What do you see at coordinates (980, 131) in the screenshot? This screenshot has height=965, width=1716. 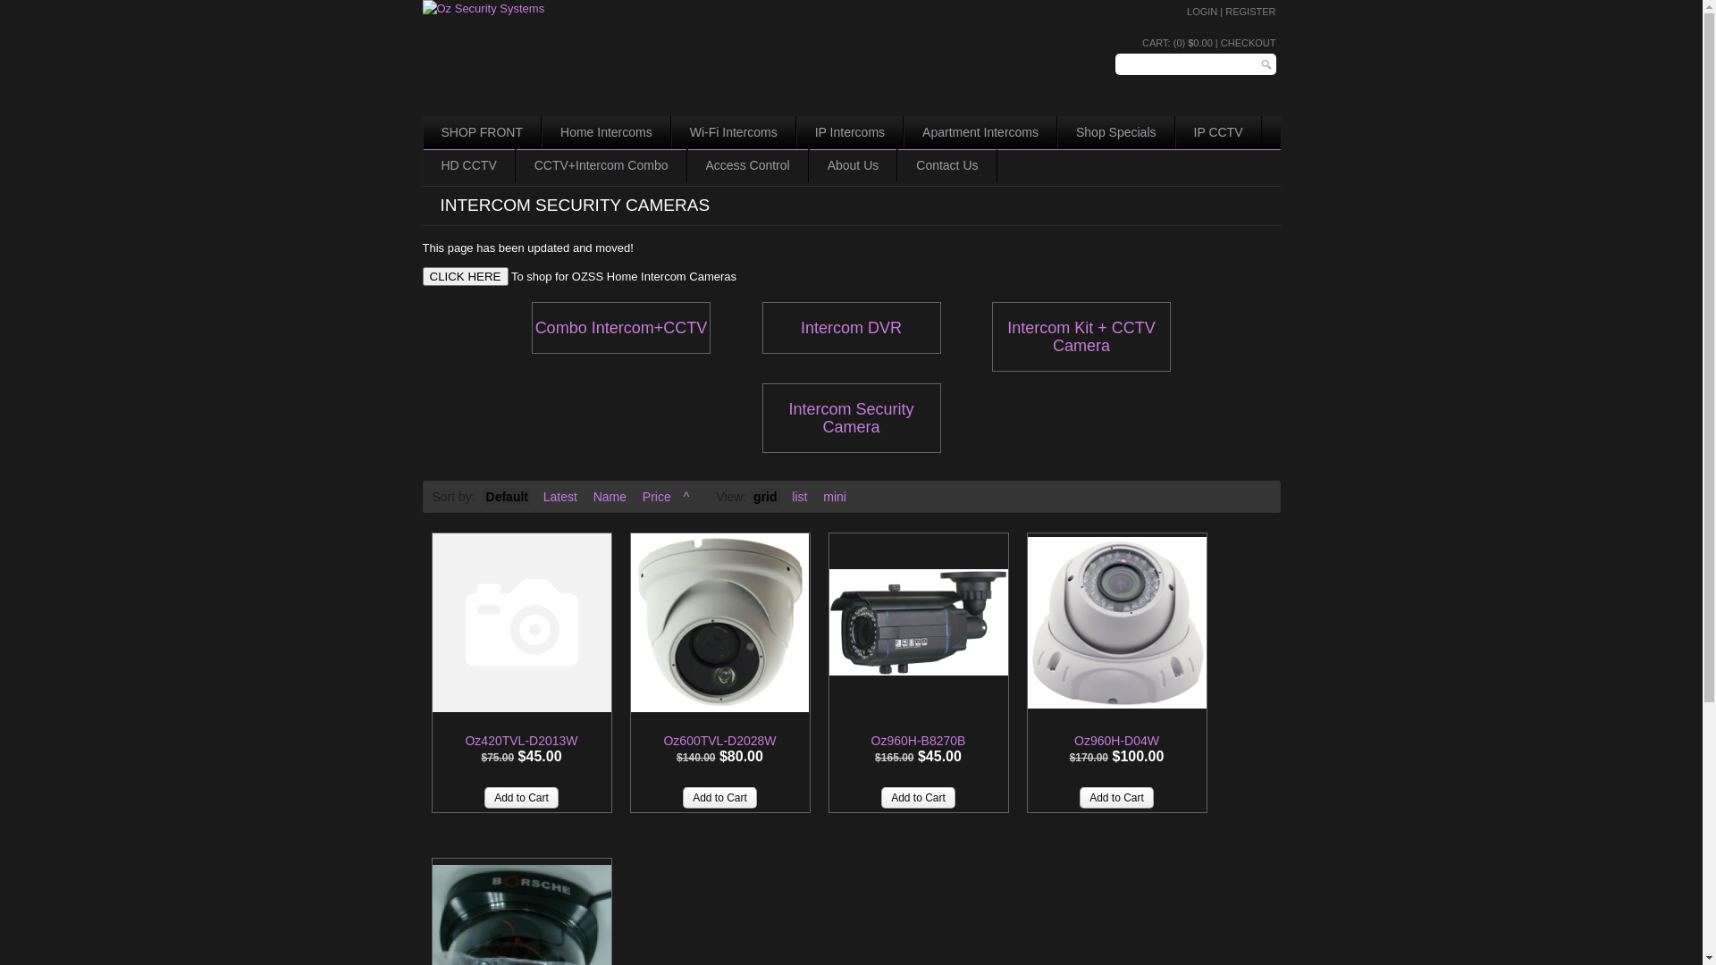 I see `'Apartment Intercoms'` at bounding box center [980, 131].